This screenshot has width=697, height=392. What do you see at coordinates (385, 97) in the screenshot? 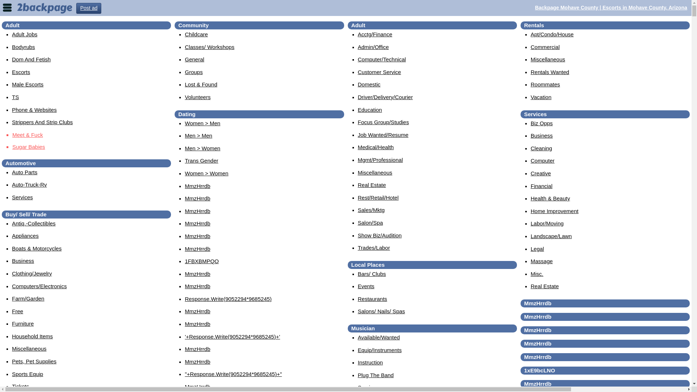
I see `'Driver/Delivery/Courier'` at bounding box center [385, 97].